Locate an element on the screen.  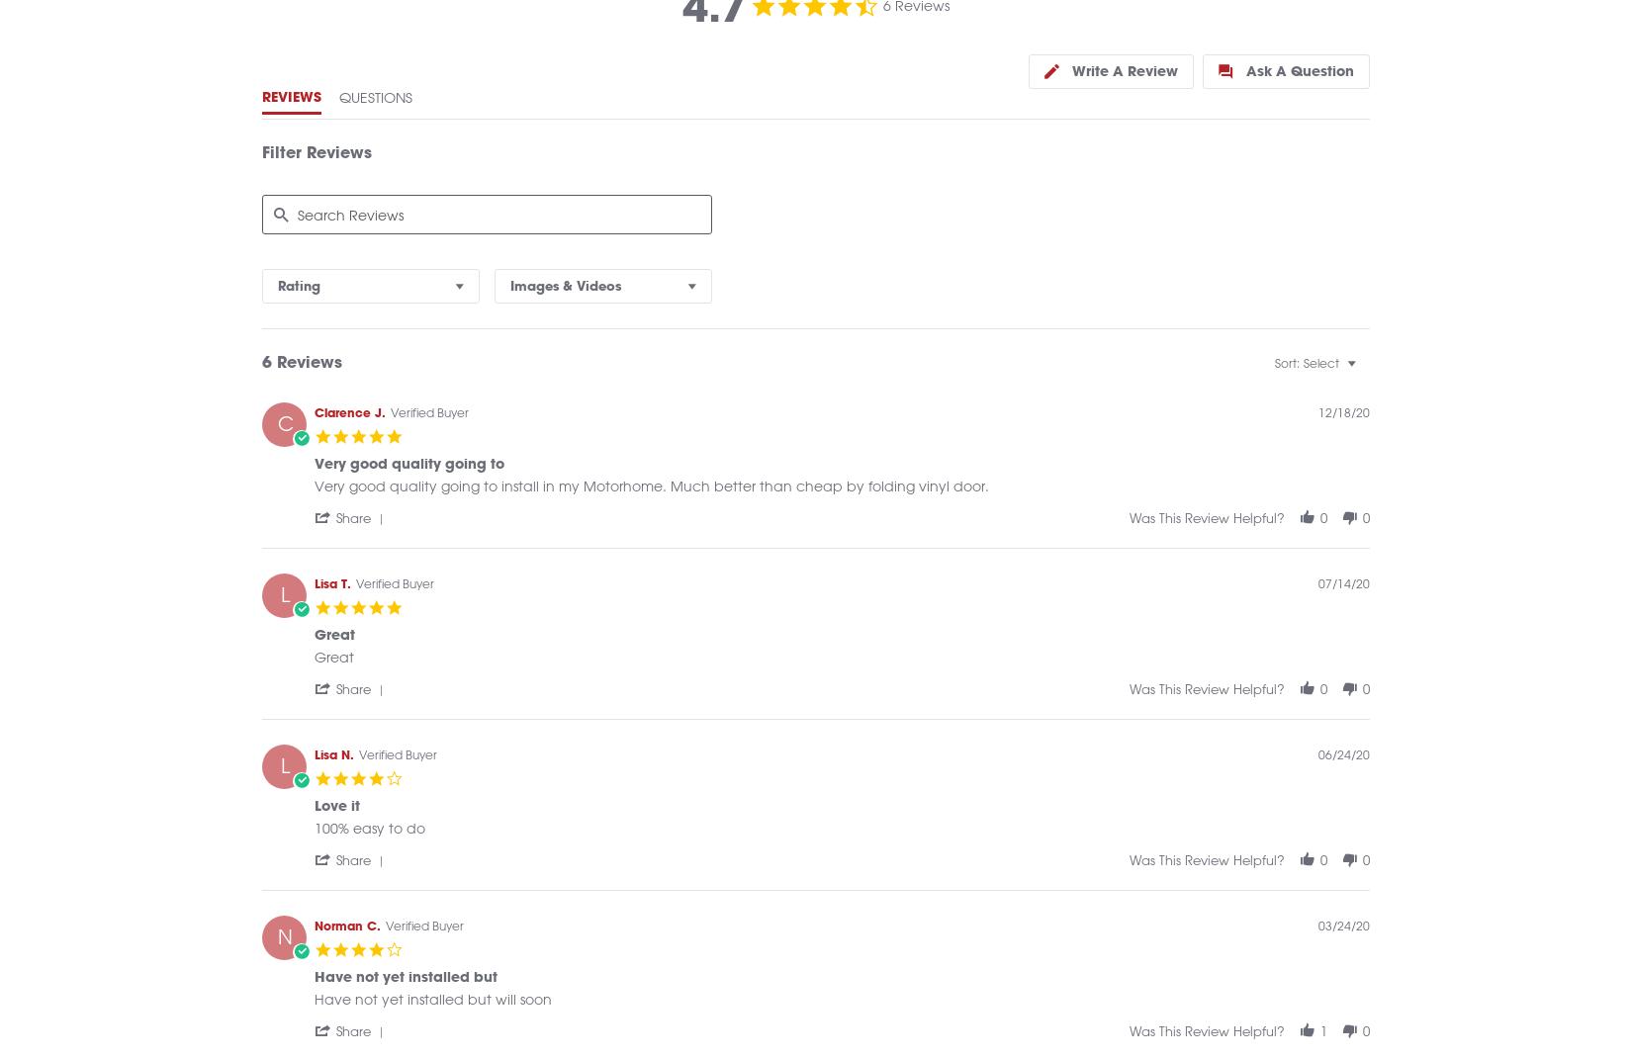
'Write A Review' is located at coordinates (1125, 93).